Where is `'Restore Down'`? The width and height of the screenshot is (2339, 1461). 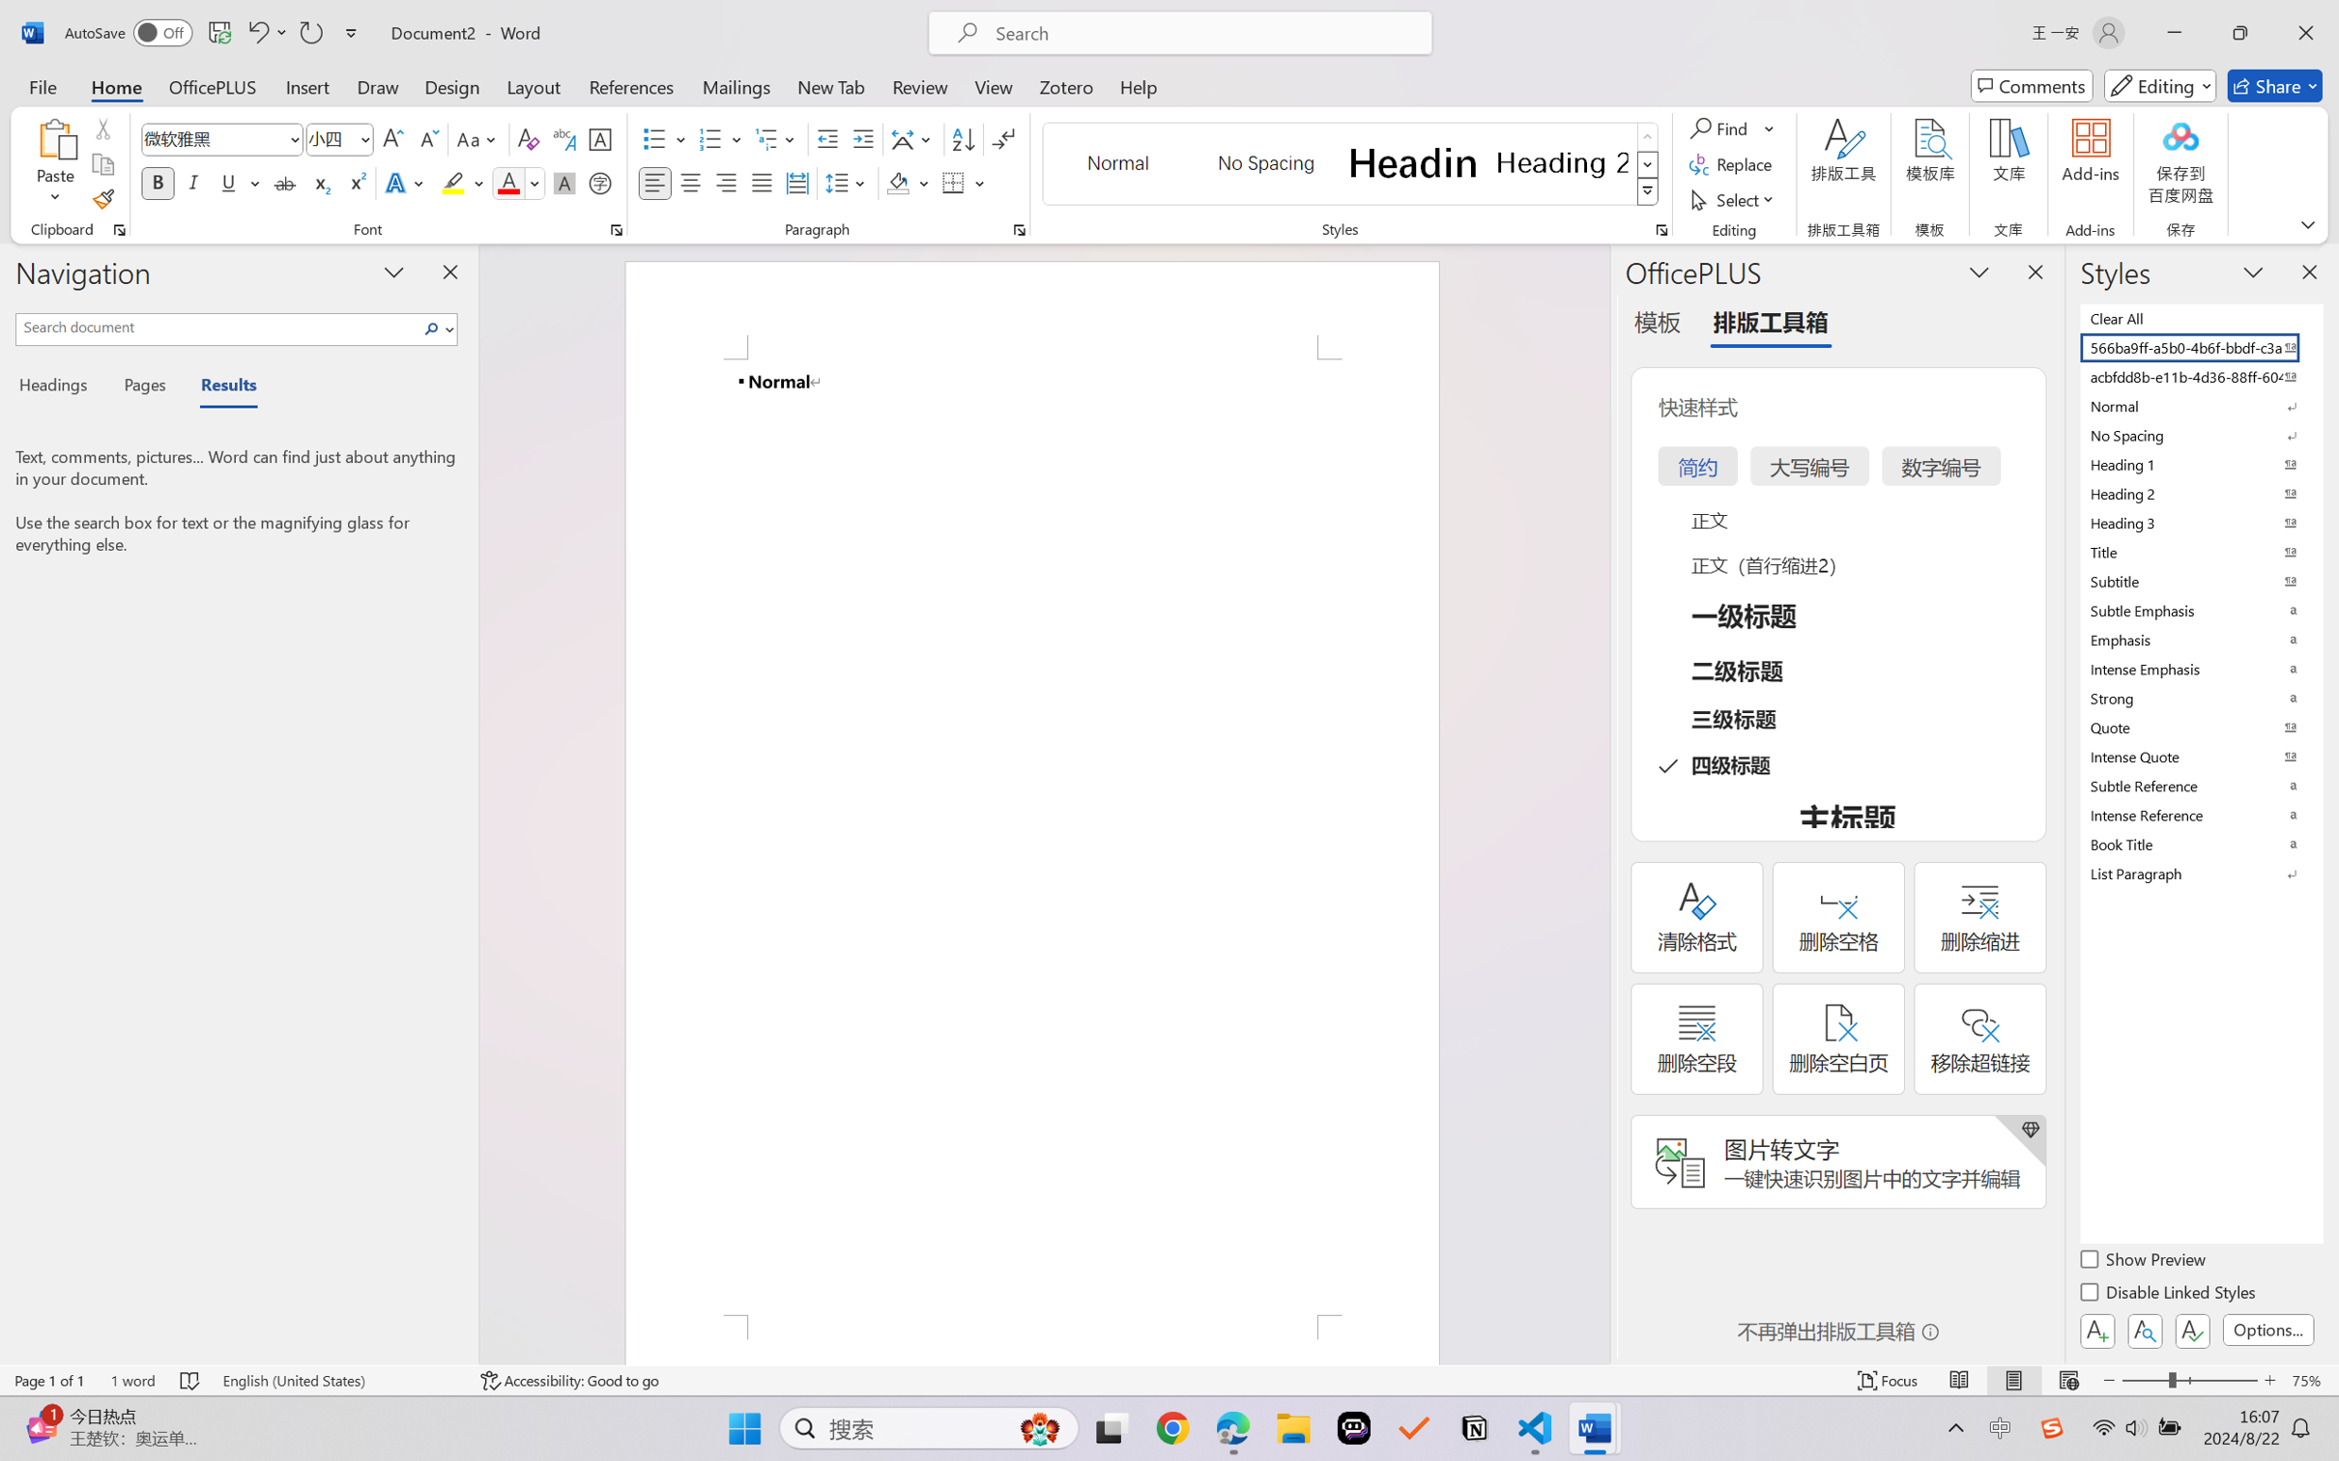
'Restore Down' is located at coordinates (2240, 32).